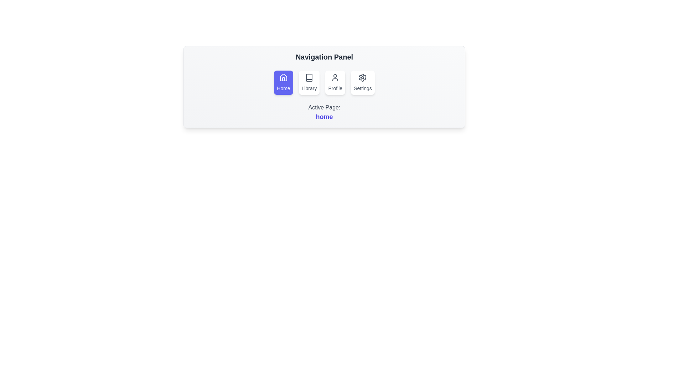 This screenshot has height=385, width=684. What do you see at coordinates (335, 82) in the screenshot?
I see `the 'Profile' button, which has a user silhouette icon above the text, located in the horizontal navigation panel as the third option from the left` at bounding box center [335, 82].